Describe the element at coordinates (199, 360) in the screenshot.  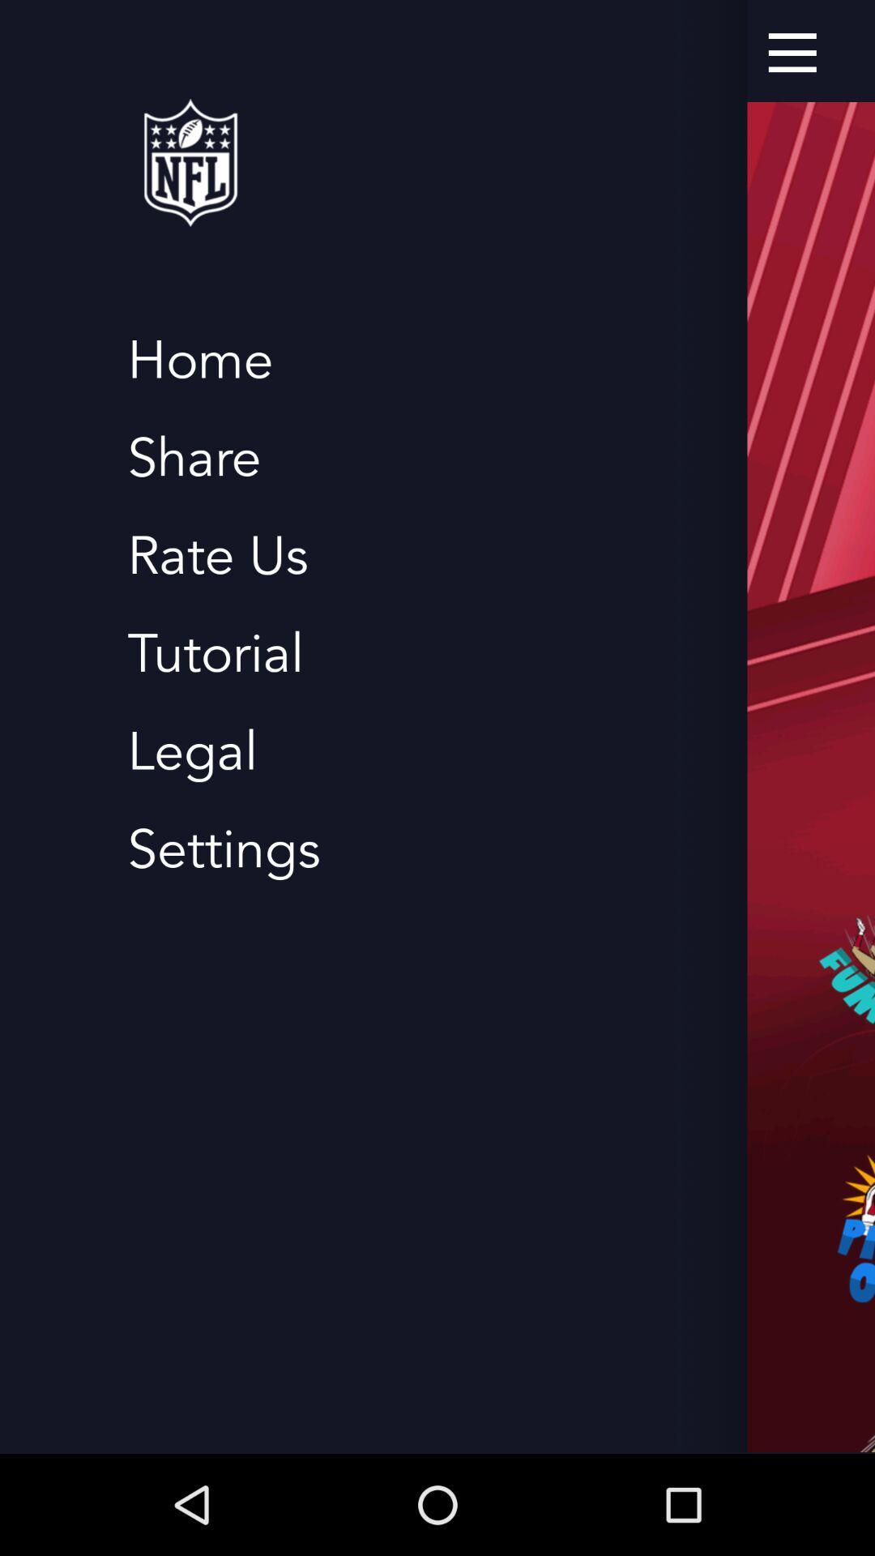
I see `home` at that location.